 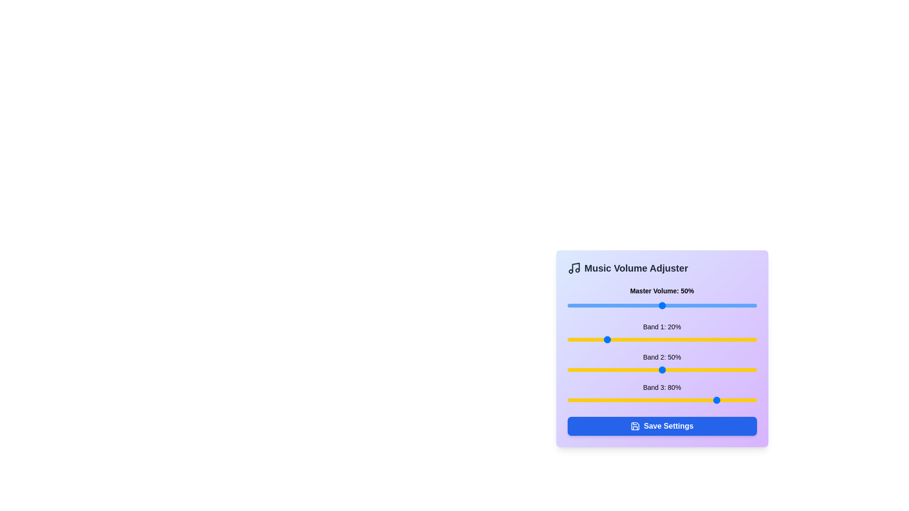 I want to click on the 'Save Settings' button, which has a blue background and white text, located at the bottom of the 'Music Volume Adjuster' card, so click(x=661, y=426).